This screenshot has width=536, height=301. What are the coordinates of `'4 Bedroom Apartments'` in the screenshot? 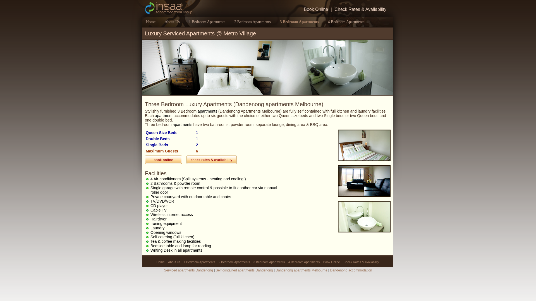 It's located at (304, 262).